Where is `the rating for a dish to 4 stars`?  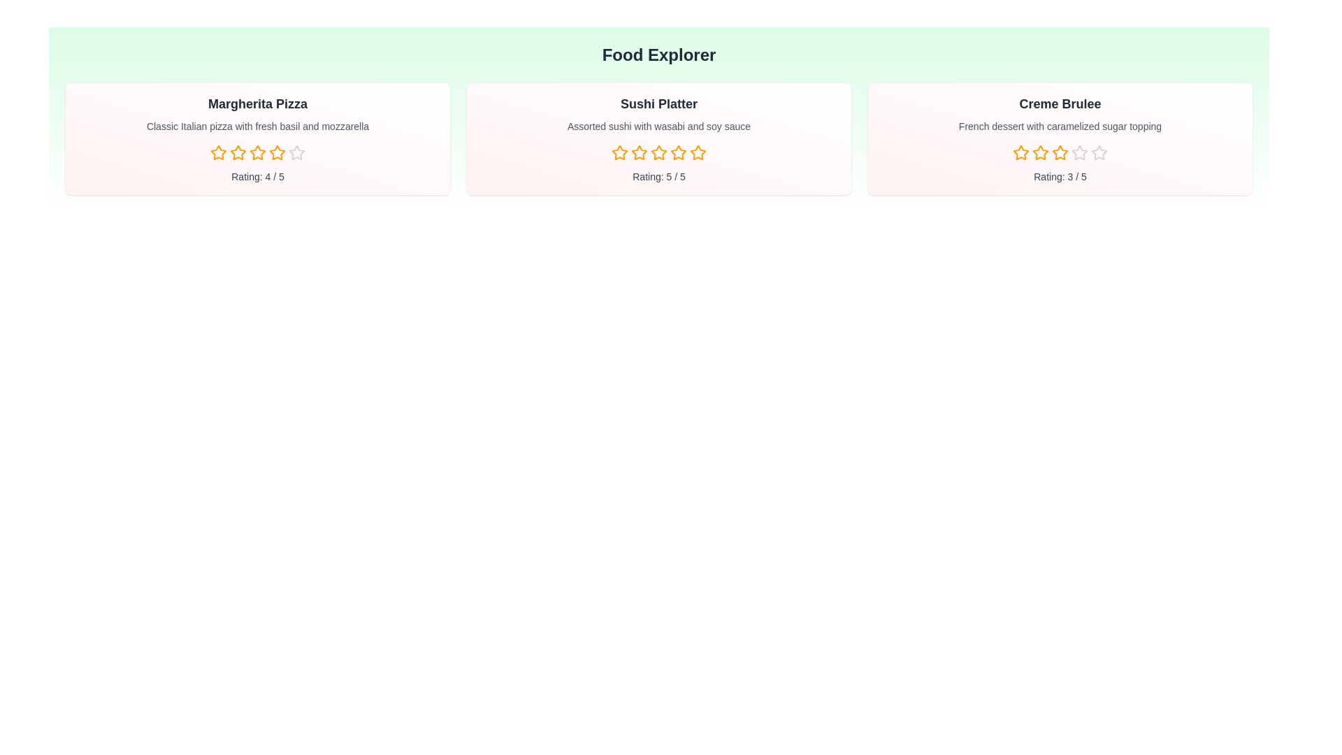
the rating for a dish to 4 stars is located at coordinates (277, 153).